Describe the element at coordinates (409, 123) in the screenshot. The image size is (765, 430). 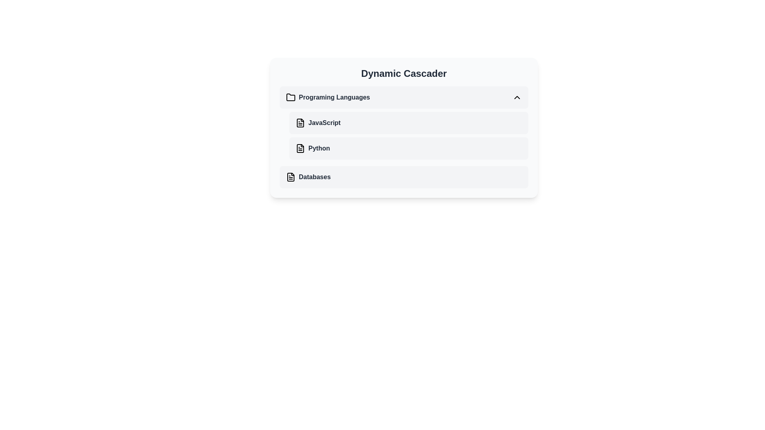
I see `the selectable list item for 'JavaScript' located in the first row under the 'Programming Languages' category` at that location.